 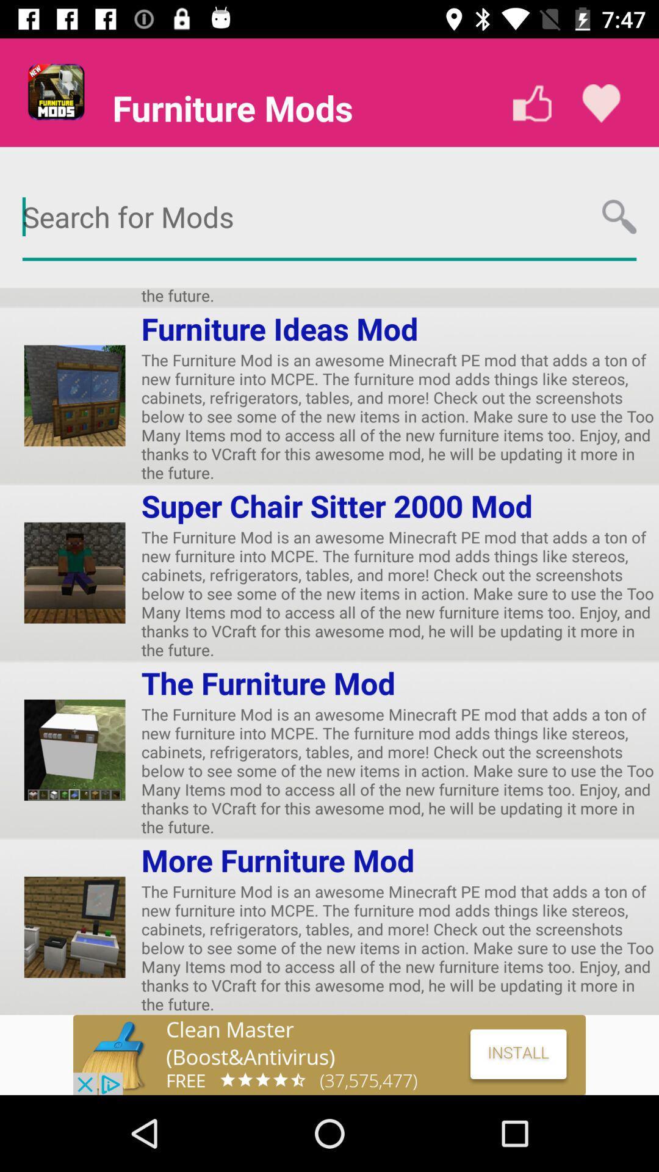 What do you see at coordinates (75, 396) in the screenshot?
I see `the first image at the left side of the page` at bounding box center [75, 396].